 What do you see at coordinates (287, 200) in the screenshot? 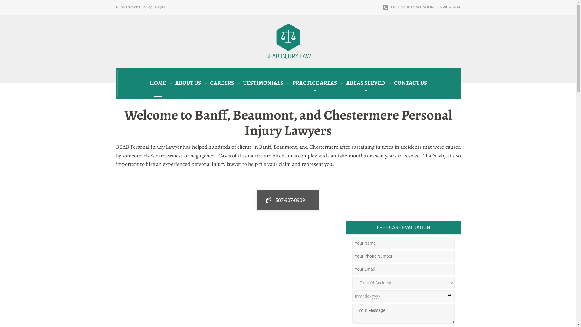
I see `'587-907-8909'` at bounding box center [287, 200].